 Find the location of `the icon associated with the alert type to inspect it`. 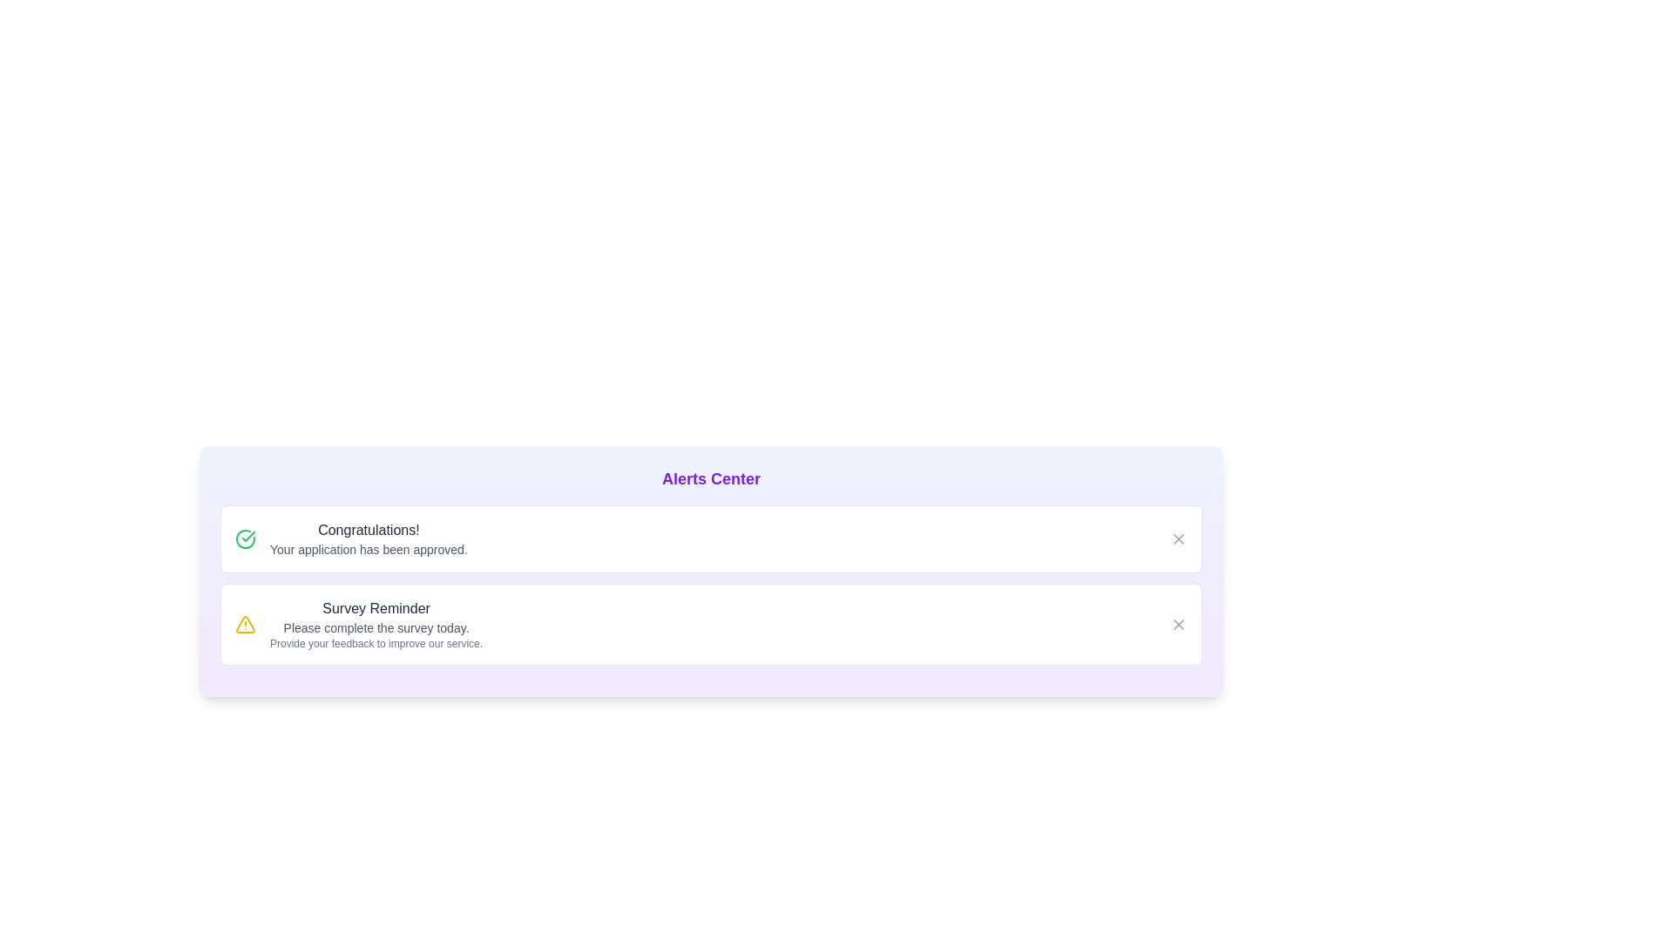

the icon associated with the alert type to inspect it is located at coordinates (245, 538).